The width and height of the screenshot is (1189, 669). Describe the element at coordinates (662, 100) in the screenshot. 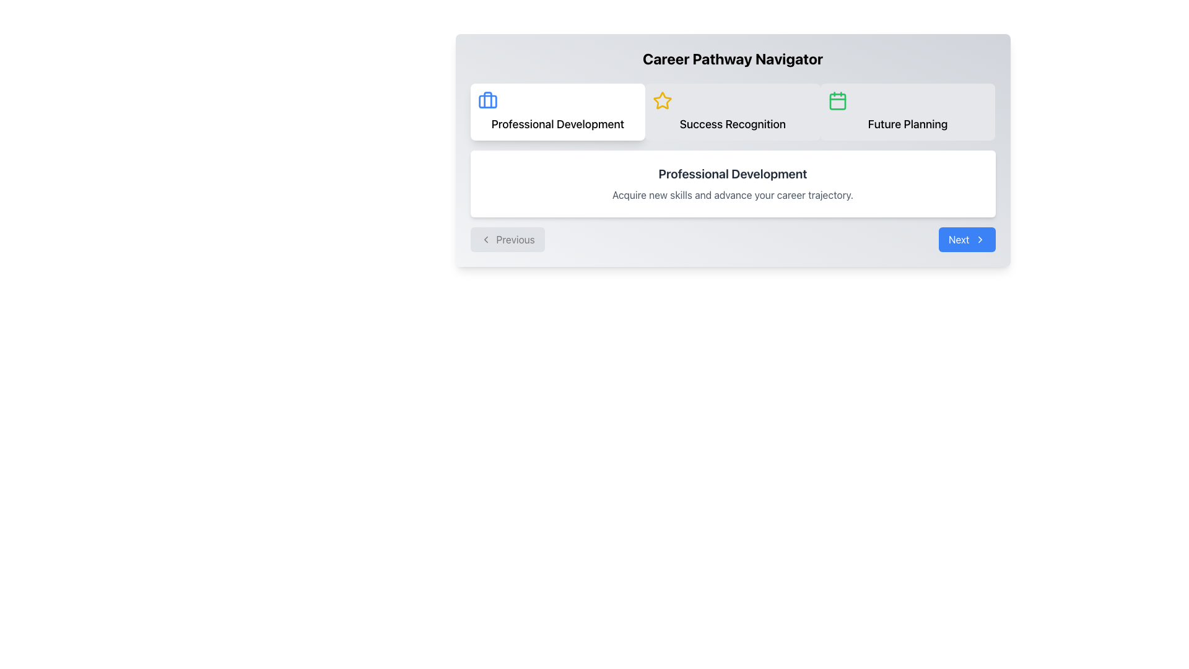

I see `the 'Success Recognition' icon located in the horizontal navigation bar, which is the second icon to the right of 'Professional Development' and to the left of 'Future Planning'` at that location.